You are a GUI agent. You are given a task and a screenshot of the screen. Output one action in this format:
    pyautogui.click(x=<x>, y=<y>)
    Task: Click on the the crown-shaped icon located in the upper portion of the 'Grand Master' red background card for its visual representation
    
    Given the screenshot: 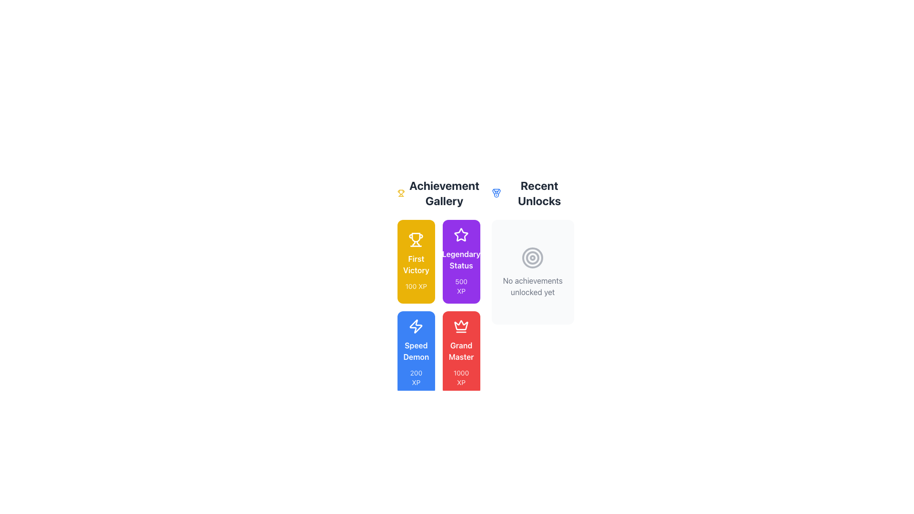 What is the action you would take?
    pyautogui.click(x=461, y=325)
    